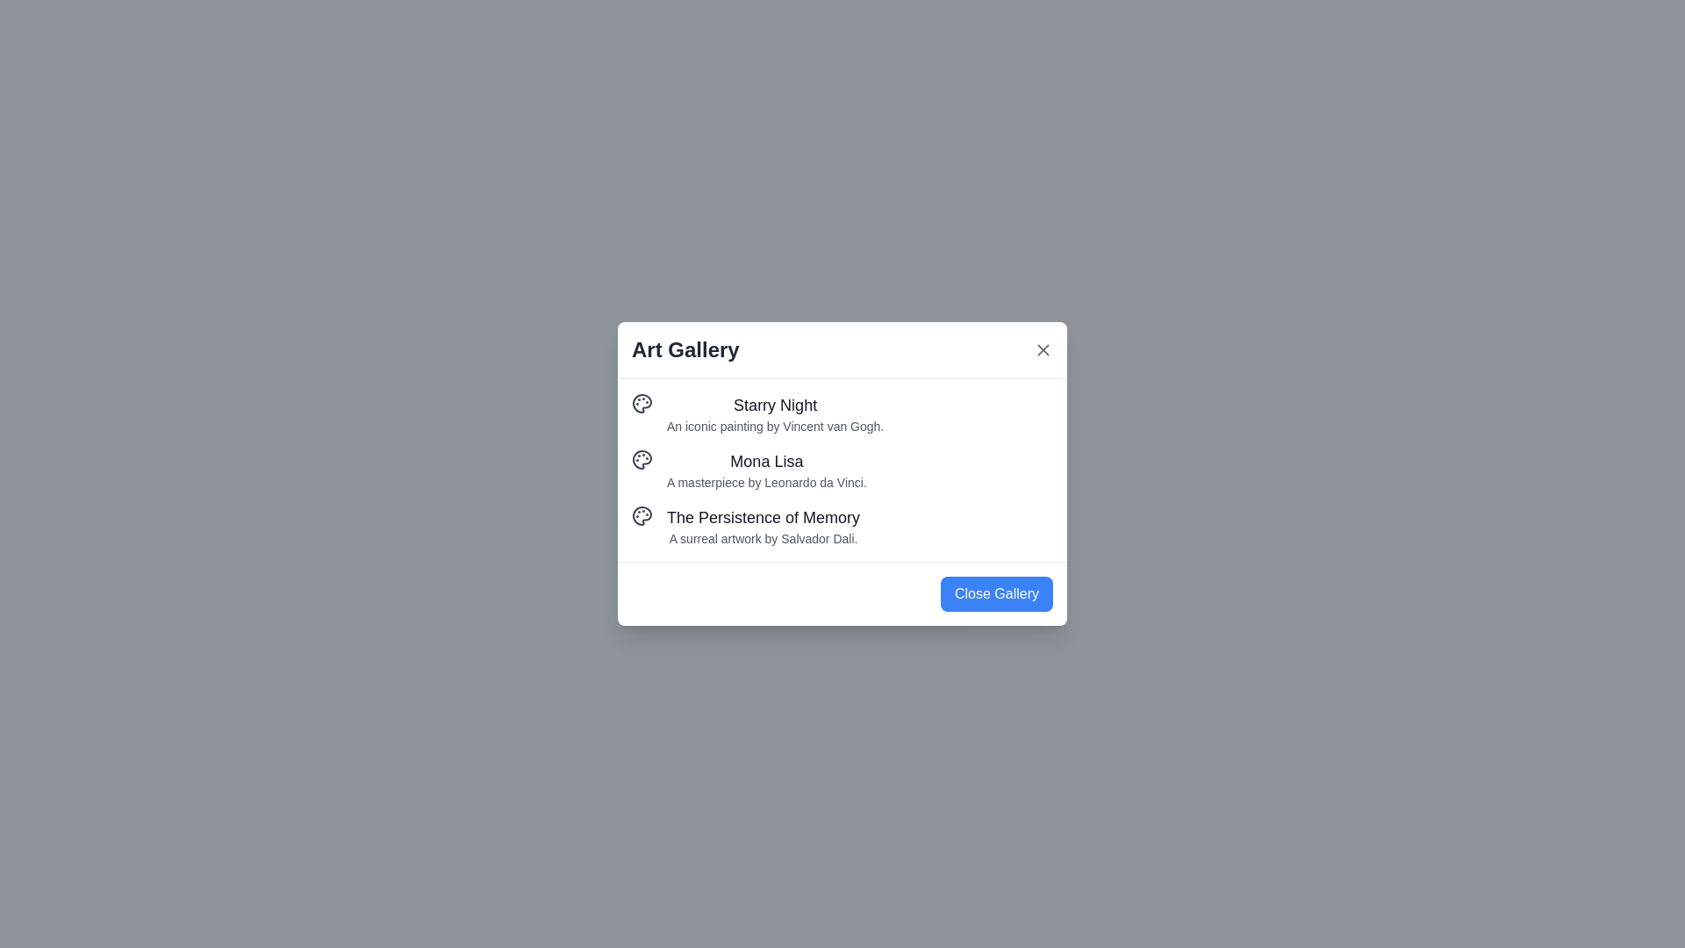 This screenshot has width=1685, height=948. I want to click on the 'X' button at the top-right corner of the dialog to close it, so click(1043, 349).